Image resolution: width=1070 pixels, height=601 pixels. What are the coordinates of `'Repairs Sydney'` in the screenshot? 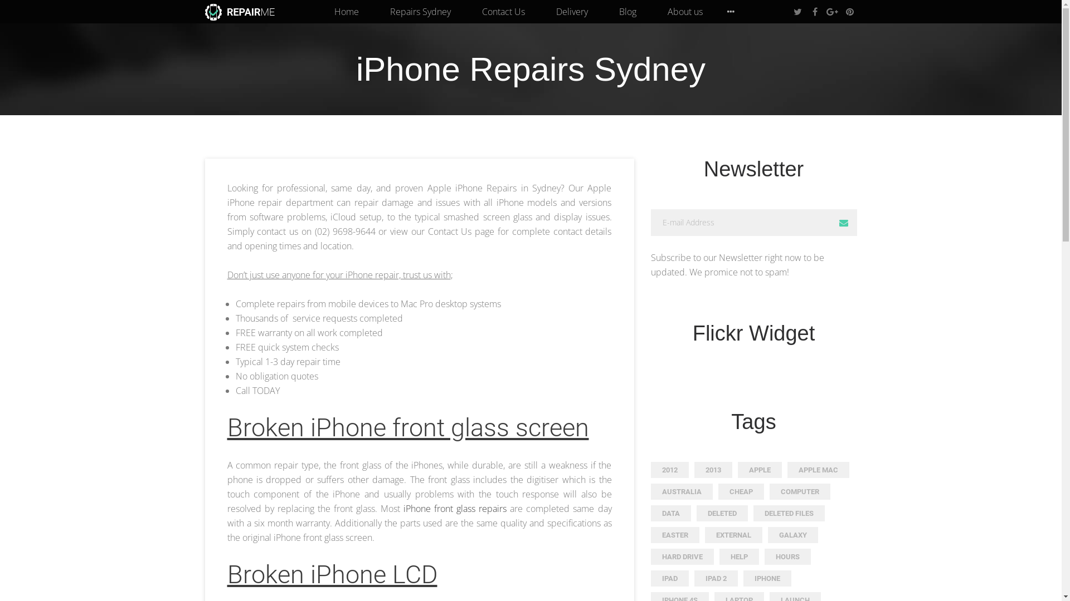 It's located at (374, 11).